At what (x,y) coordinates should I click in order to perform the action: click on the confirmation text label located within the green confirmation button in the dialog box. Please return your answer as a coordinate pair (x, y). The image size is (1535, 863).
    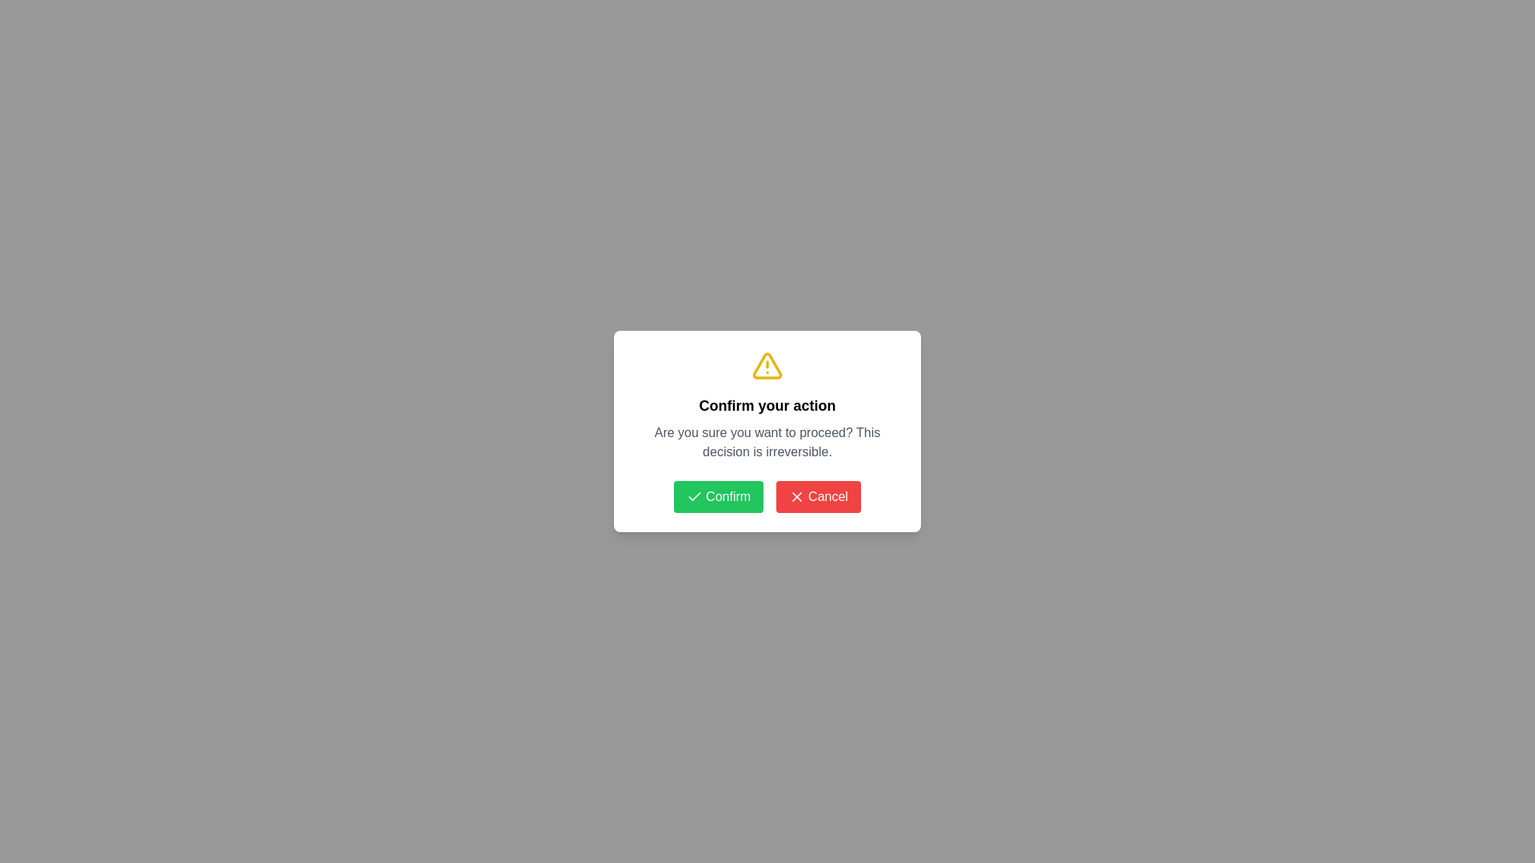
    Looking at the image, I should click on (728, 495).